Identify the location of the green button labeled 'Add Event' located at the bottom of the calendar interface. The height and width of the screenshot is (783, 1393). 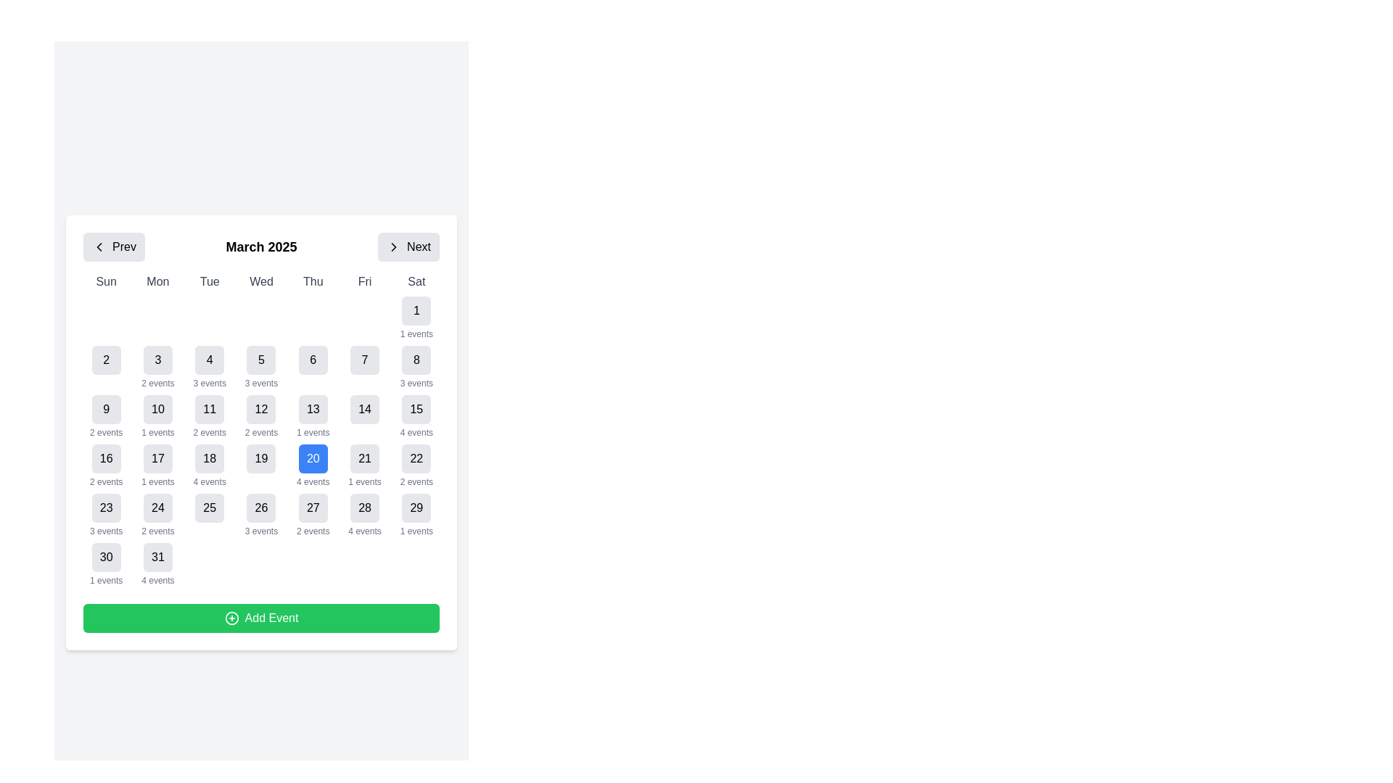
(261, 618).